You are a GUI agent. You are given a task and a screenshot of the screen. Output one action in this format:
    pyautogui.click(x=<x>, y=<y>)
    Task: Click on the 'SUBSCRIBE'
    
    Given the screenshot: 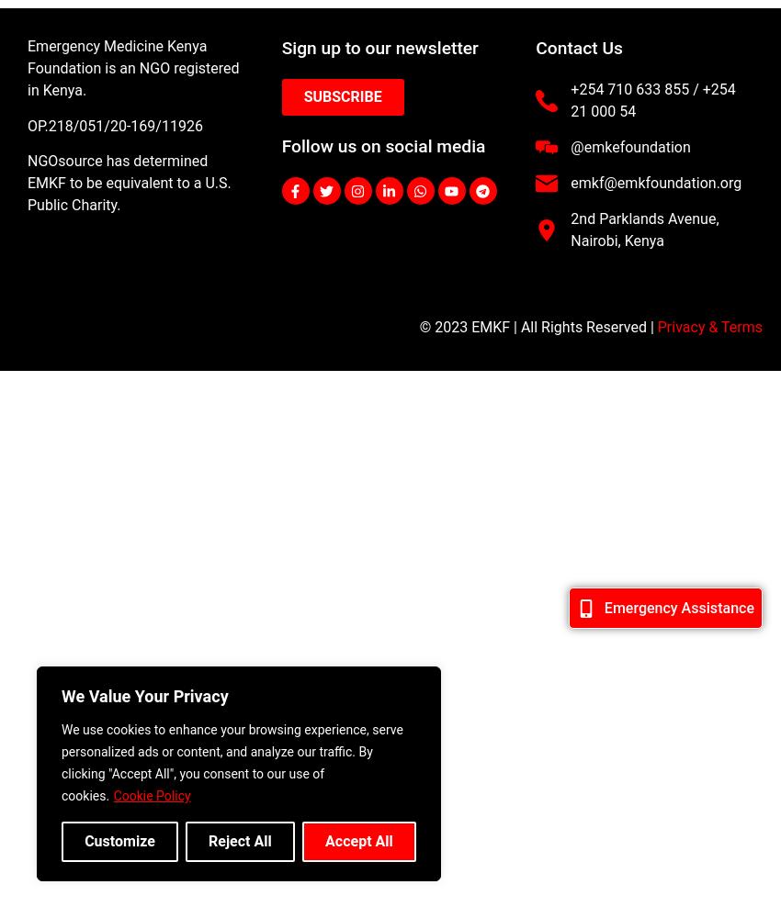 What is the action you would take?
    pyautogui.click(x=341, y=95)
    